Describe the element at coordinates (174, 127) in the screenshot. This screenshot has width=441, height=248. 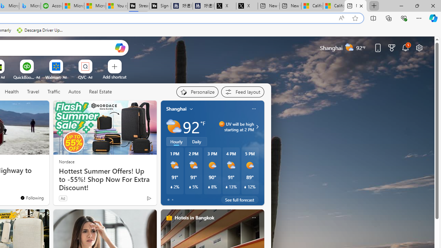
I see `'Partly sunny'` at that location.